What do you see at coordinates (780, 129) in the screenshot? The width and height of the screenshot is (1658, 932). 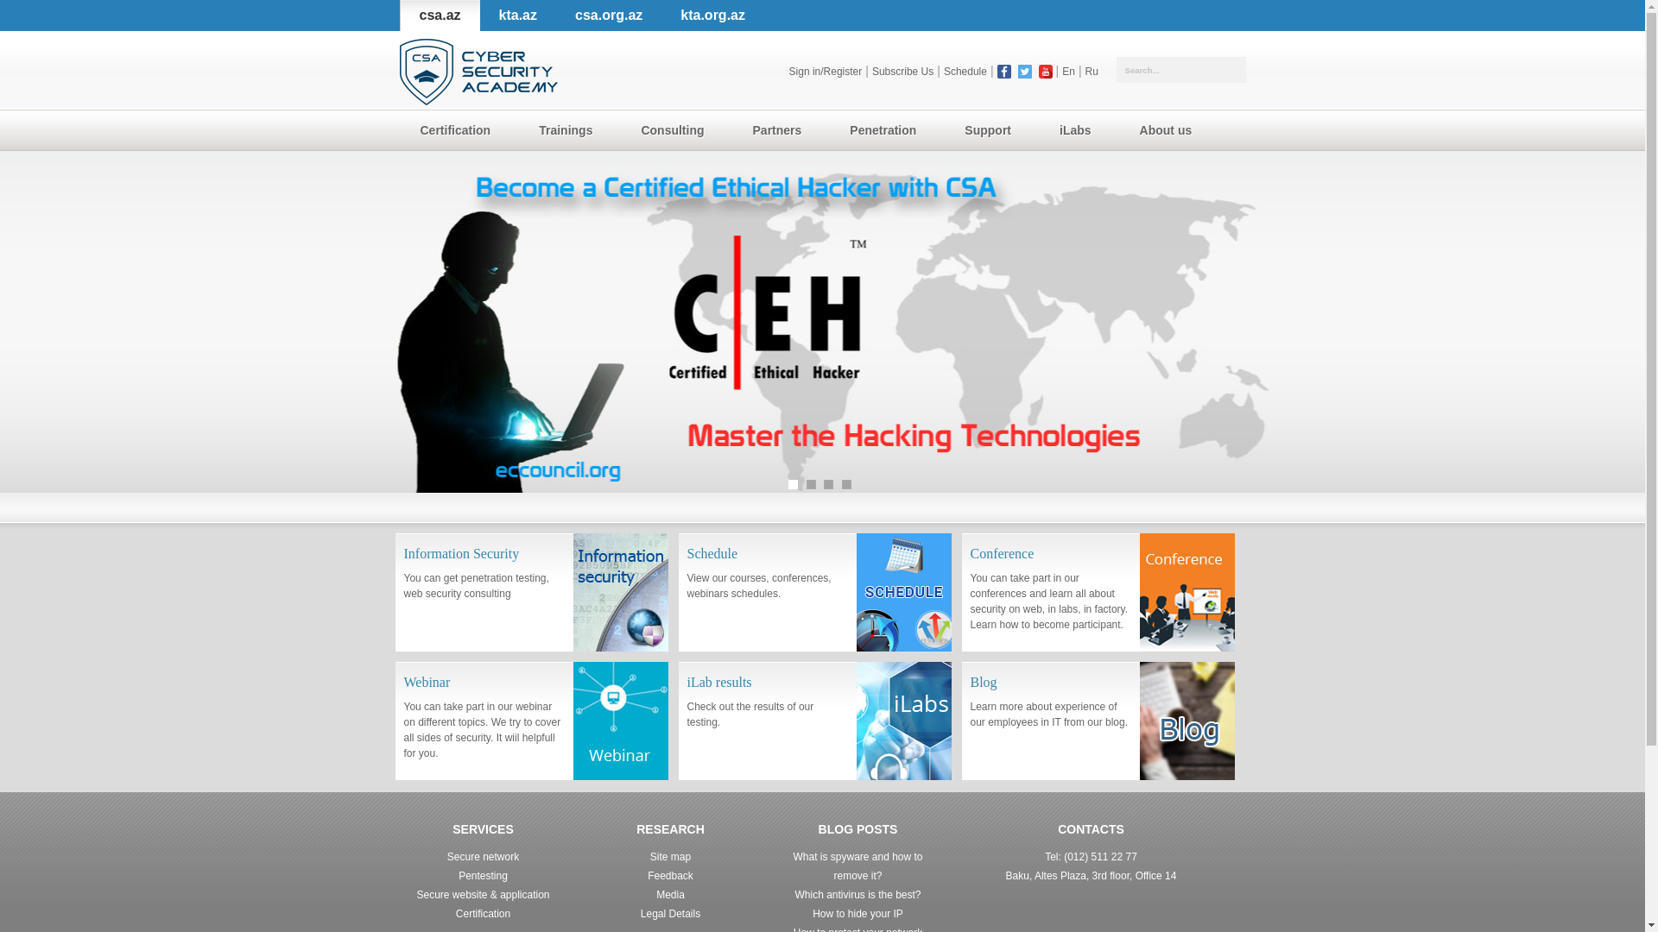 I see `'Partners'` at bounding box center [780, 129].